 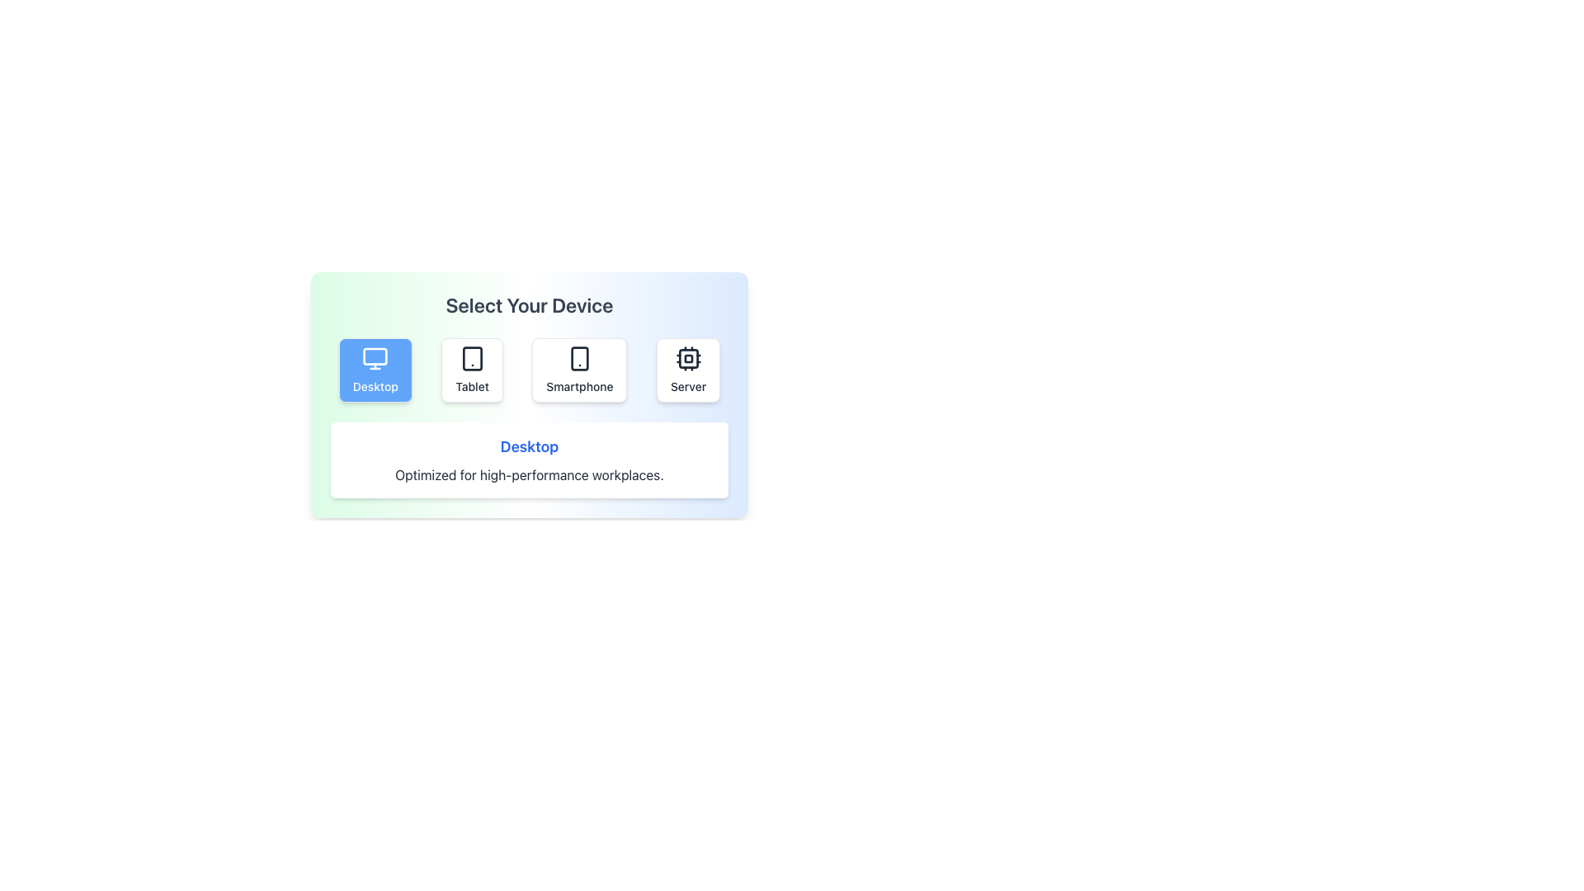 What do you see at coordinates (688, 358) in the screenshot?
I see `the server icon, which is the graphical representation inside the 'Server' button, the fourth button in a horizontal arrangement of four device option buttons` at bounding box center [688, 358].